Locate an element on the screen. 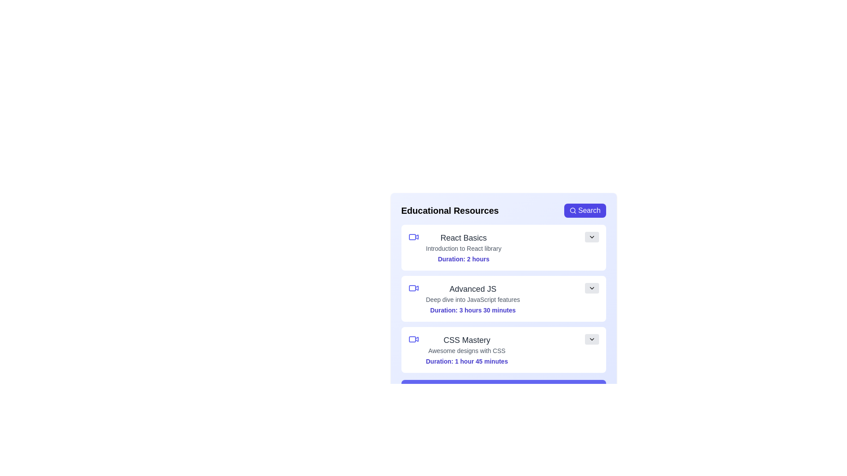 The image size is (847, 476). chevron button of the resource titled 'Advanced JS' to toggle its details is located at coordinates (592, 288).